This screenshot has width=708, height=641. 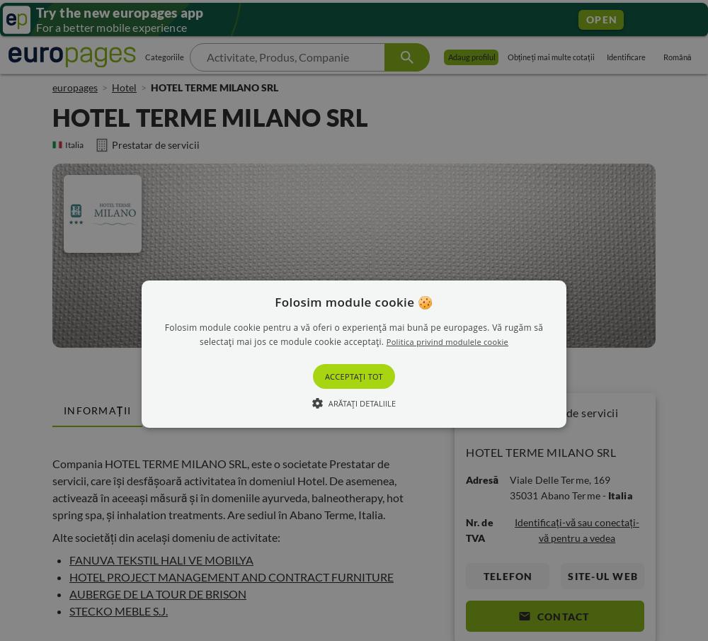 What do you see at coordinates (626, 57) in the screenshot?
I see `'Identificare'` at bounding box center [626, 57].